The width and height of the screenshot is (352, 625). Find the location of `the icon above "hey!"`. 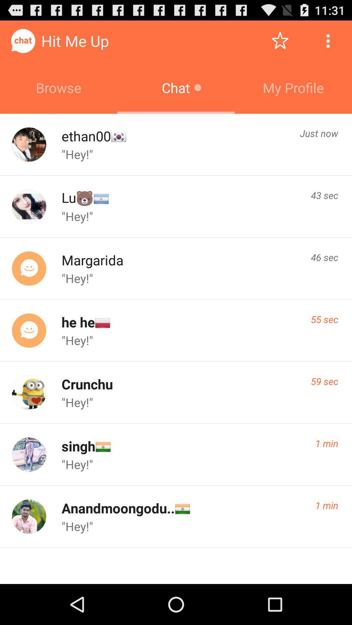

the icon above "hey!" is located at coordinates (324, 319).